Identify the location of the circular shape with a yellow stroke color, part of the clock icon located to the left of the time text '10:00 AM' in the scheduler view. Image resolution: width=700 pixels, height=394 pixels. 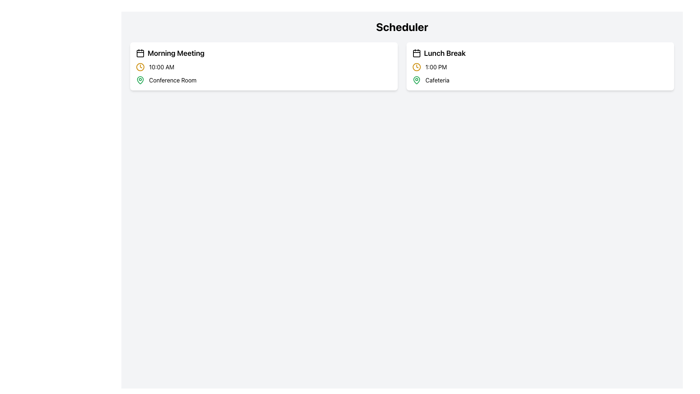
(140, 67).